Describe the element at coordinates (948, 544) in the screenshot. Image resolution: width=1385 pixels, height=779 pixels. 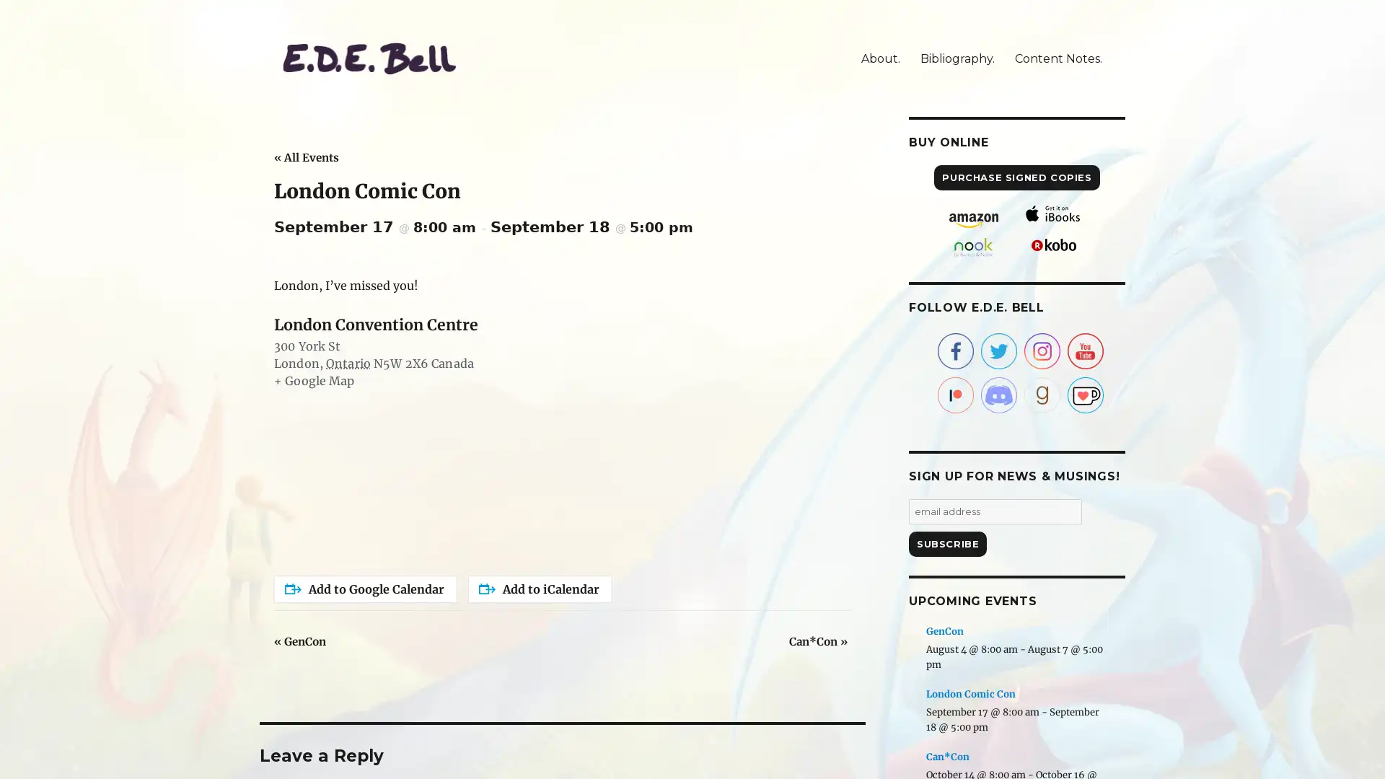
I see `Subscribe` at that location.